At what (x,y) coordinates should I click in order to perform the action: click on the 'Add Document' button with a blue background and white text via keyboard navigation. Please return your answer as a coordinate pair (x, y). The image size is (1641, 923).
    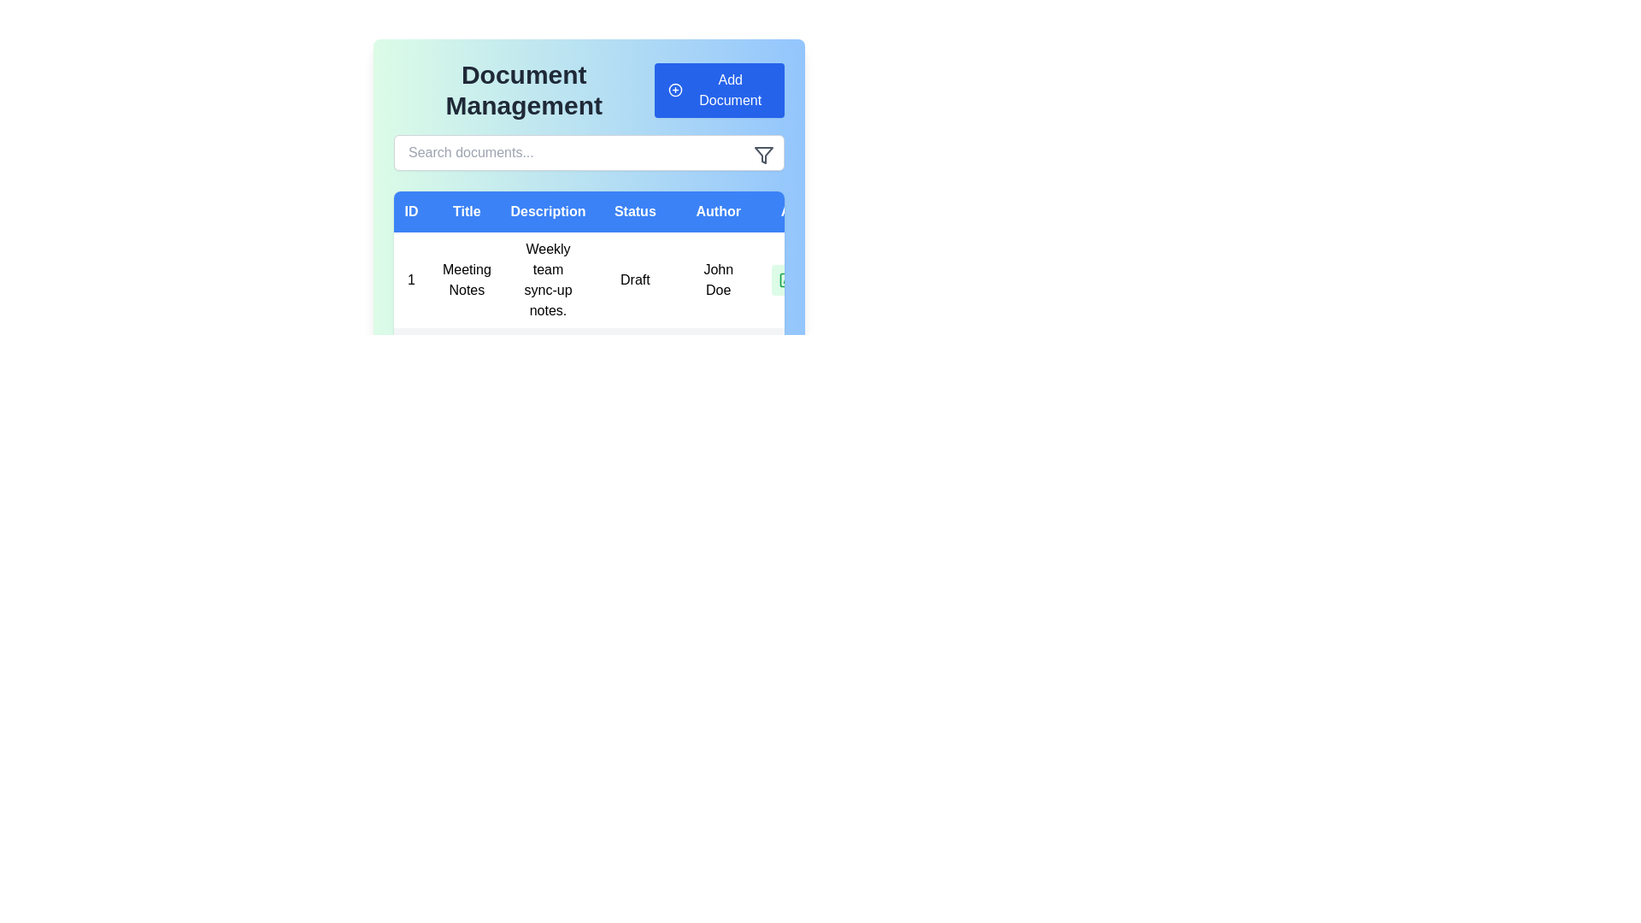
    Looking at the image, I should click on (719, 90).